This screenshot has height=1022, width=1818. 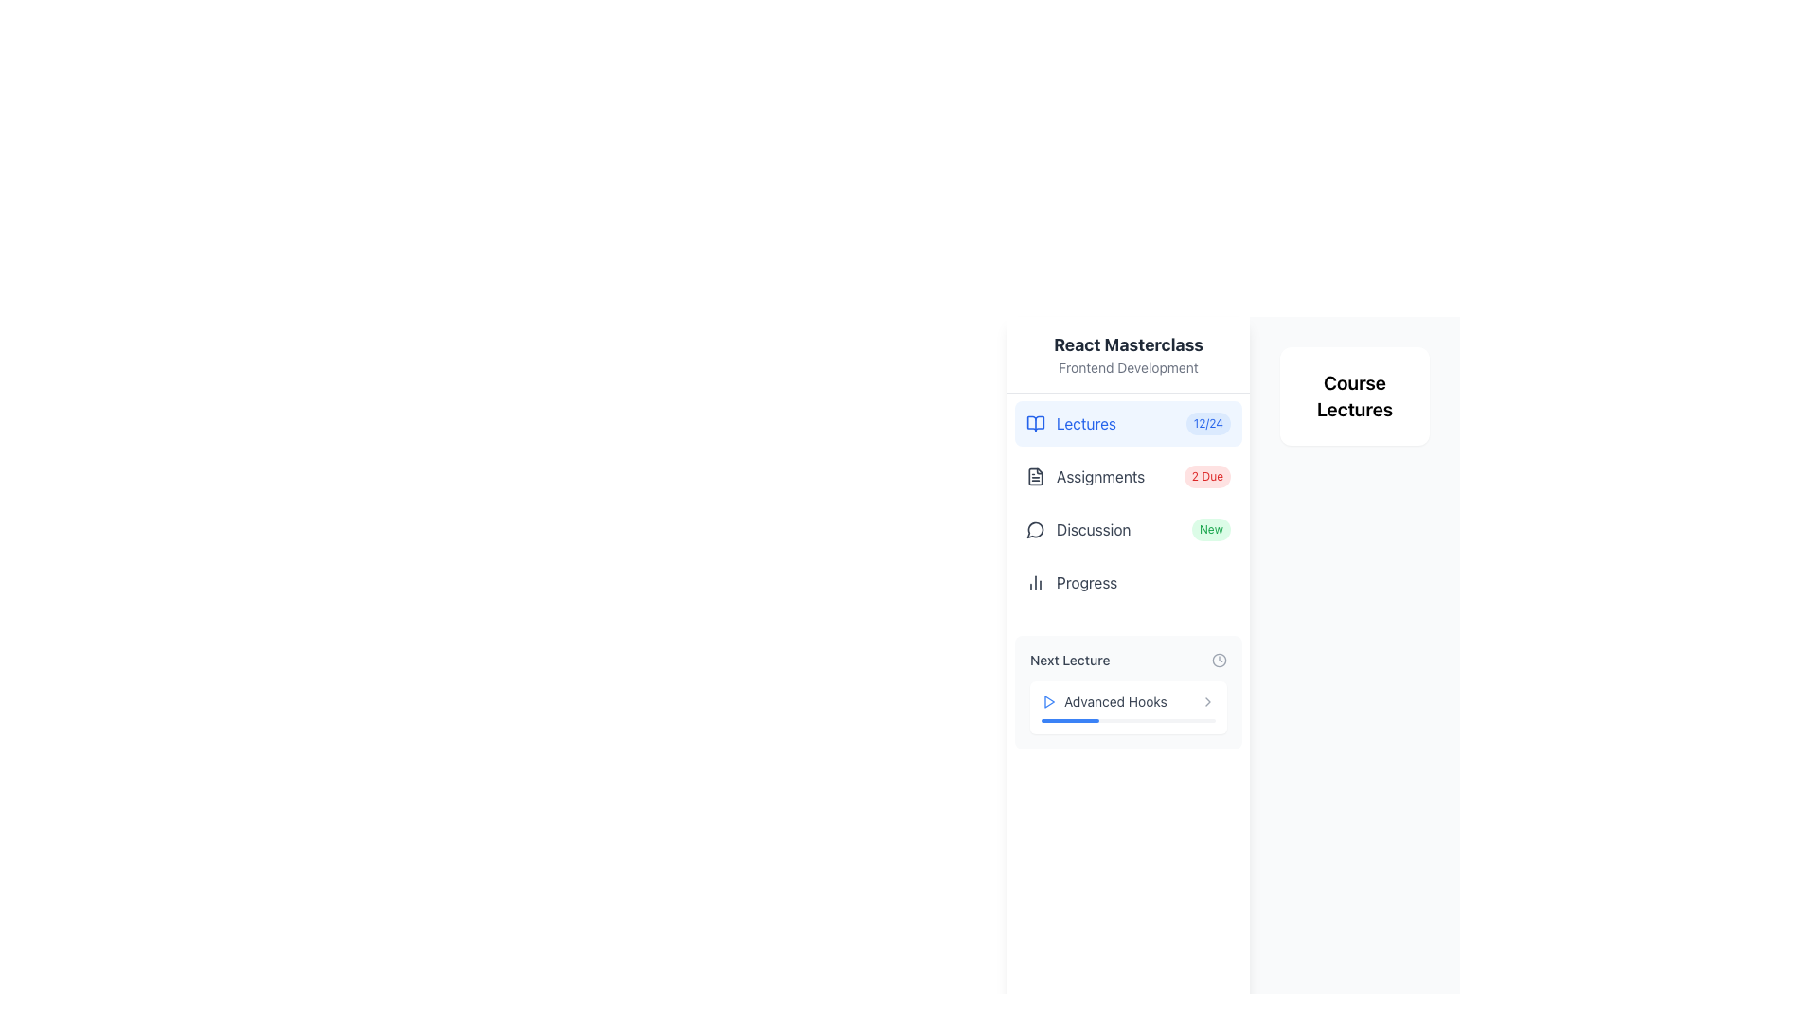 What do you see at coordinates (1048, 701) in the screenshot?
I see `the play button located near the lower center of the interactive panel, next to the 'Advanced Hooks' text under the 'Next Lecture' section` at bounding box center [1048, 701].